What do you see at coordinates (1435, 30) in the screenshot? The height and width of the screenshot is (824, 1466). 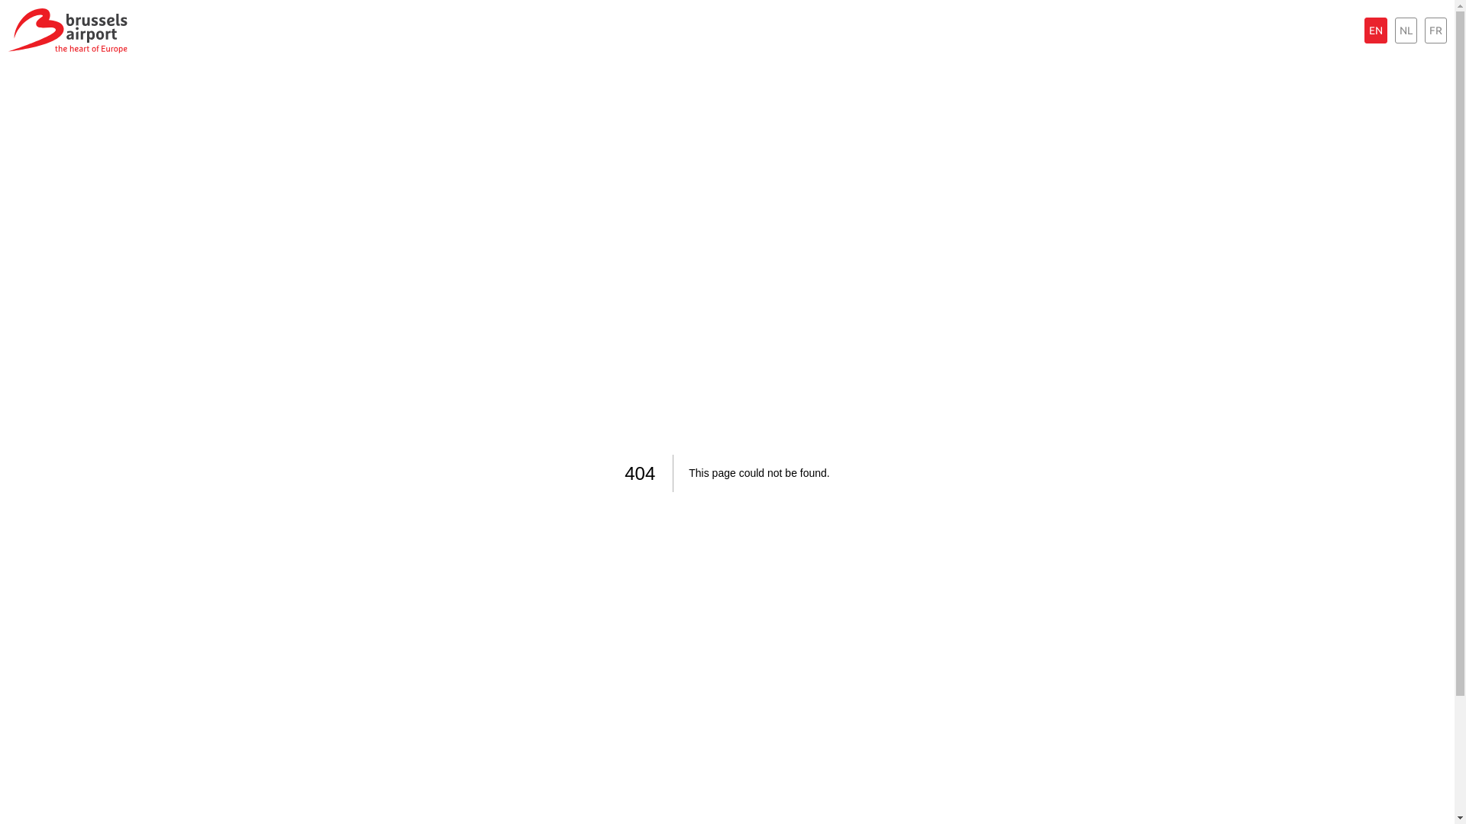 I see `'FR'` at bounding box center [1435, 30].